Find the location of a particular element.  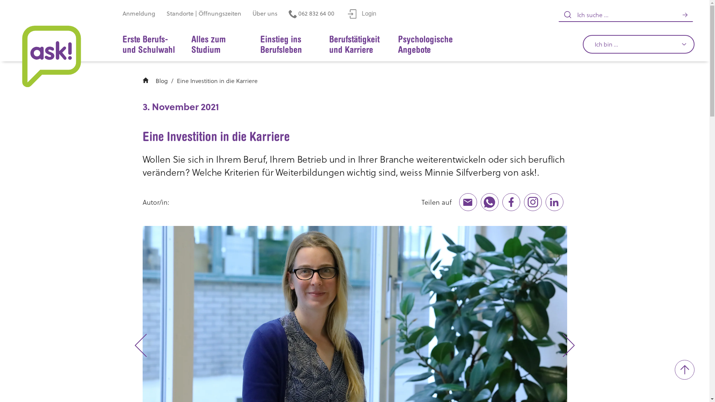

'Alles zum Studium' is located at coordinates (218, 45).